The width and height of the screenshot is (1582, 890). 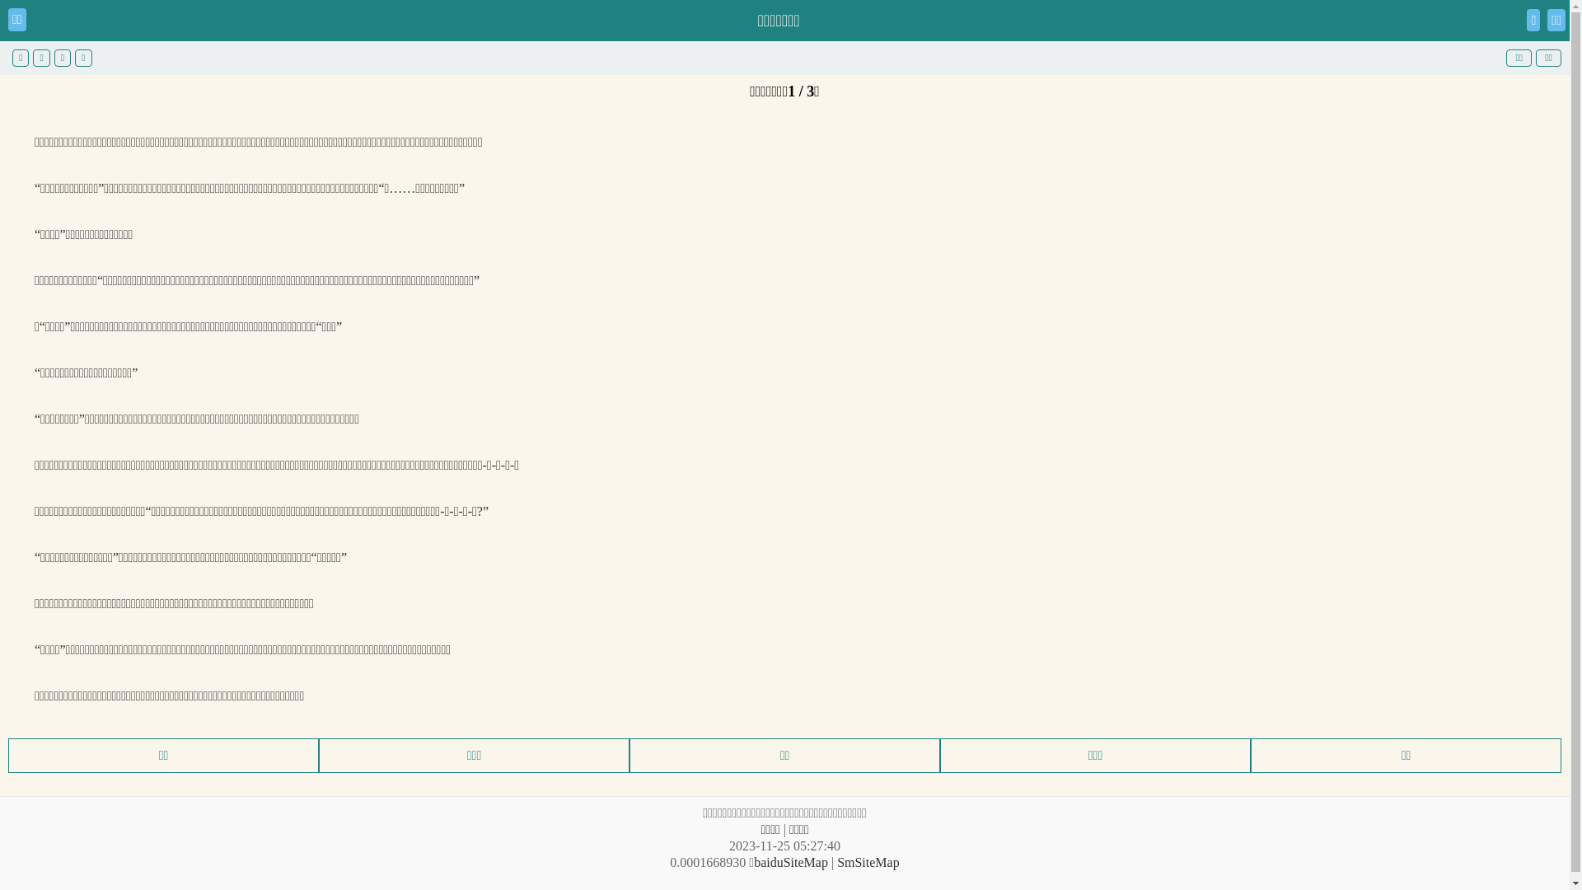 What do you see at coordinates (791, 861) in the screenshot?
I see `'baiduSiteMap'` at bounding box center [791, 861].